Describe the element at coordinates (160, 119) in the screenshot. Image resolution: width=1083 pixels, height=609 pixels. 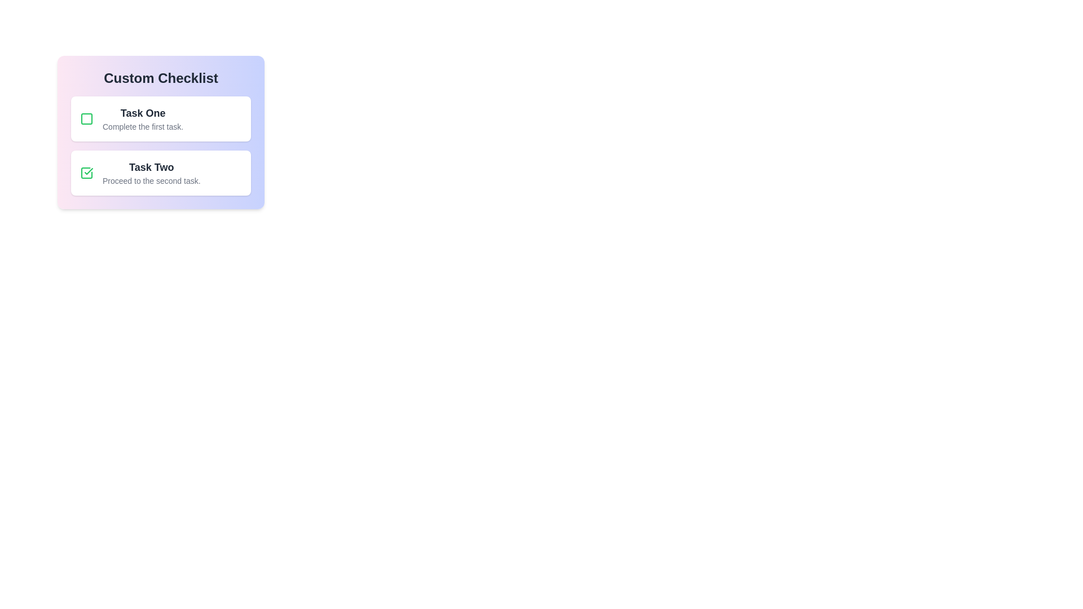
I see `the first task item in the checklist which contains an interactive checkbox to mark it as complete` at that location.